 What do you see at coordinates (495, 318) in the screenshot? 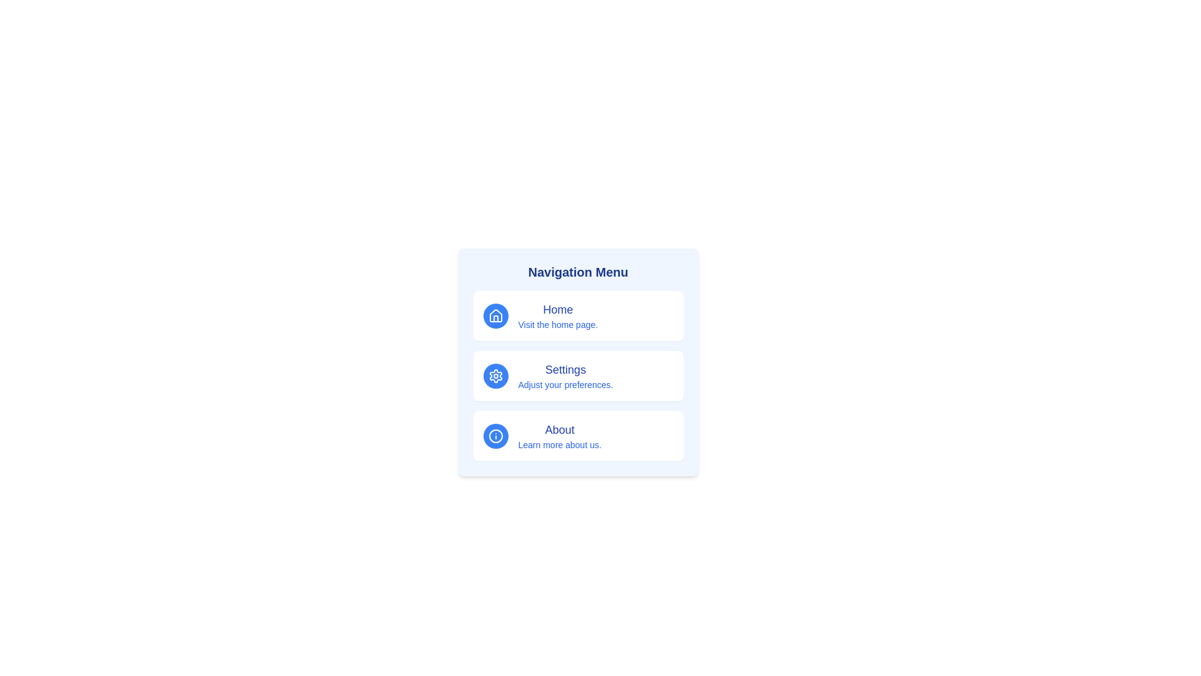
I see `the base of the house icon within the home navigation menu, representing the 'Home' item` at bounding box center [495, 318].